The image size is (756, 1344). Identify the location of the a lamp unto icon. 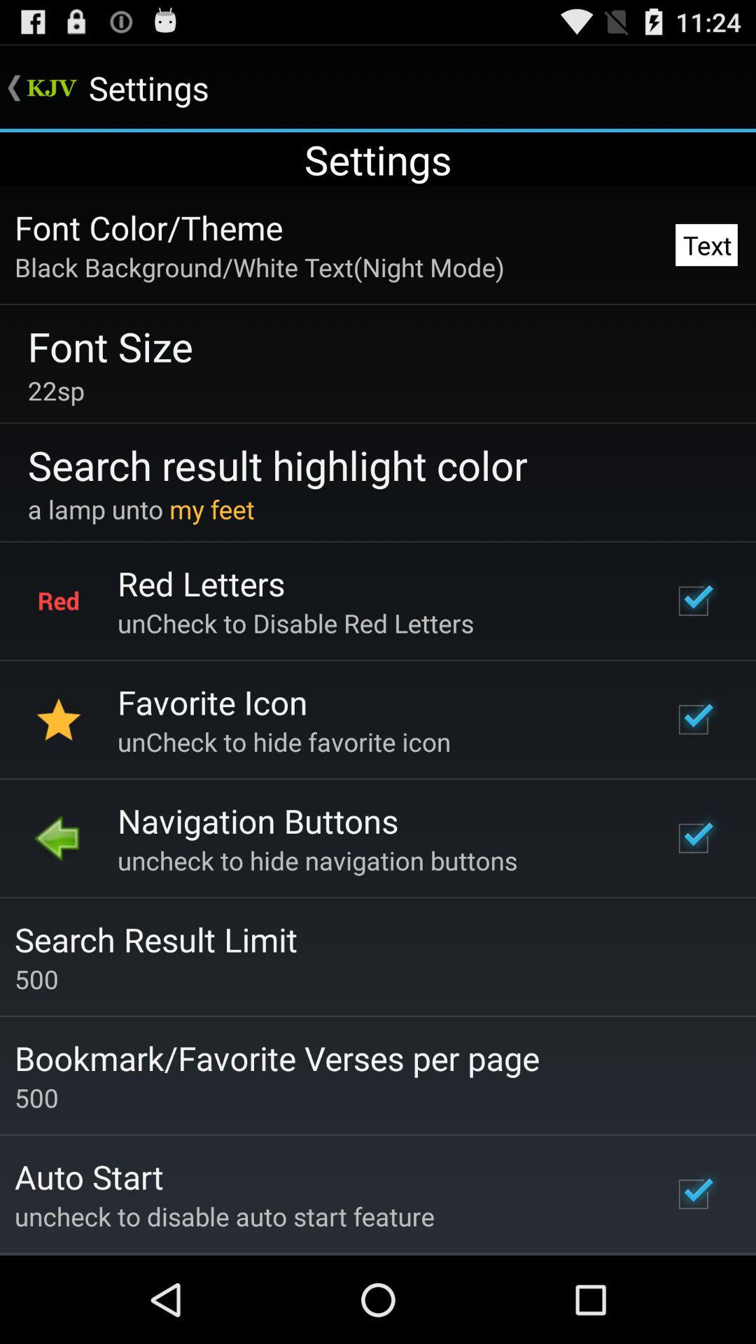
(141, 508).